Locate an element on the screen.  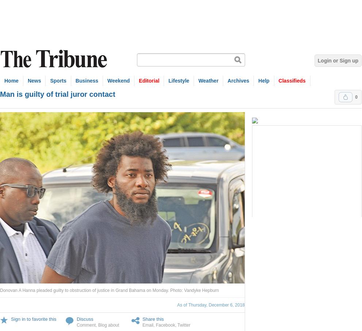
'Sports' is located at coordinates (58, 80).